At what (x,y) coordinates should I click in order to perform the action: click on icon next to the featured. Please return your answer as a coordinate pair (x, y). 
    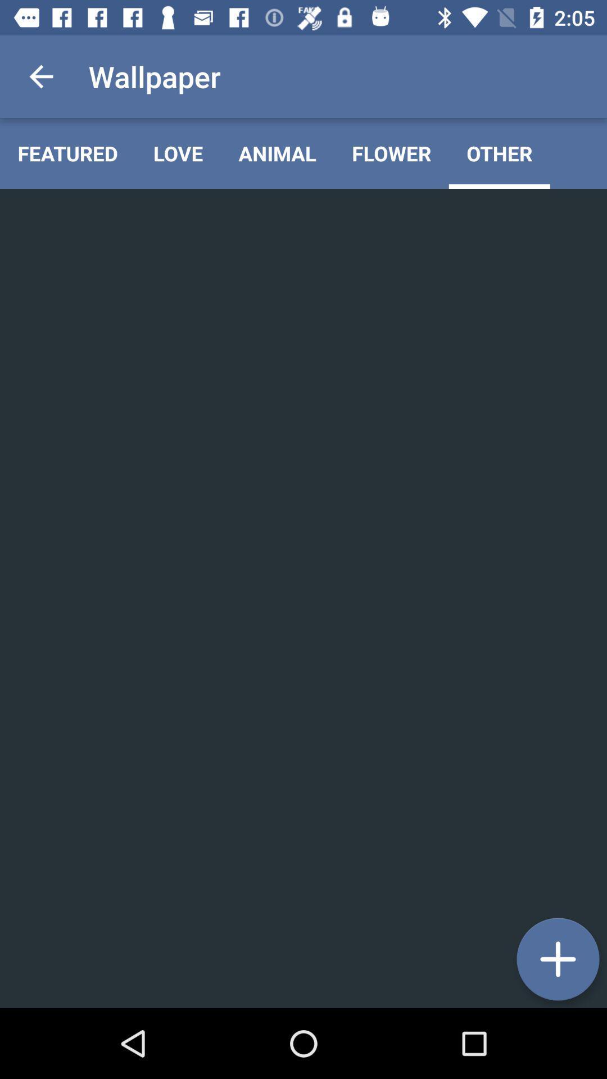
    Looking at the image, I should click on (178, 153).